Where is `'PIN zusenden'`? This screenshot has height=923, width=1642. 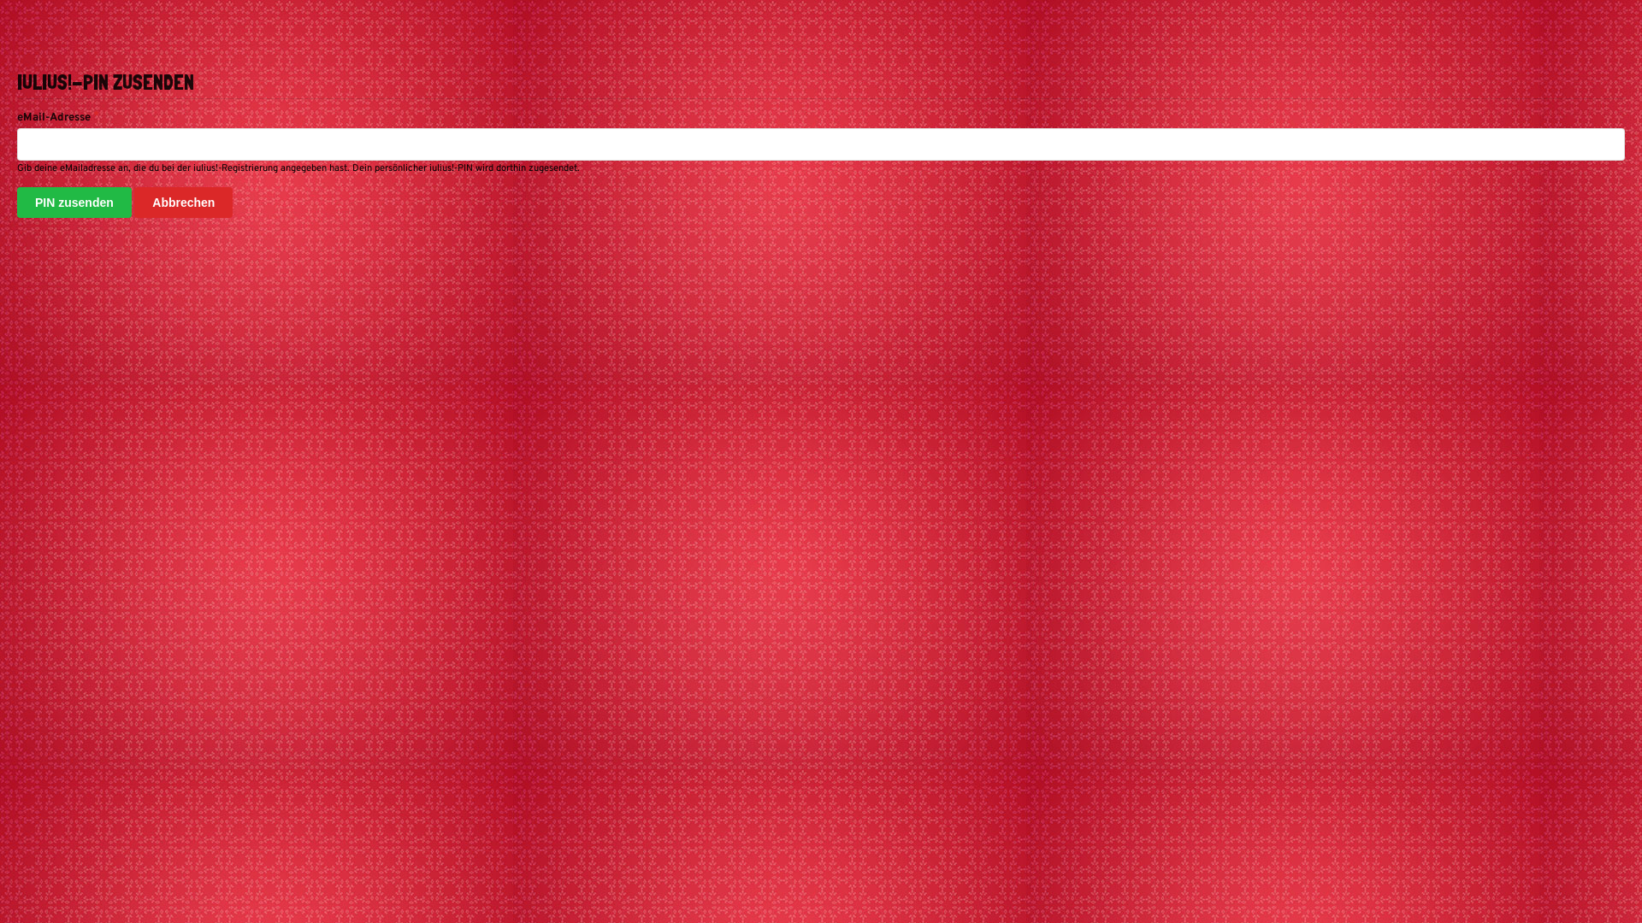 'PIN zusenden' is located at coordinates (73, 201).